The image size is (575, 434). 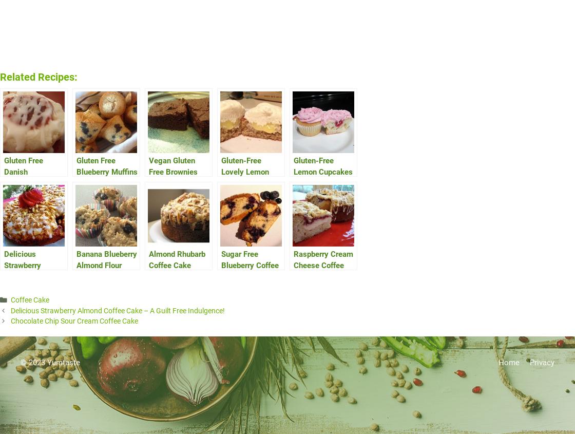 What do you see at coordinates (509, 362) in the screenshot?
I see `'Home'` at bounding box center [509, 362].